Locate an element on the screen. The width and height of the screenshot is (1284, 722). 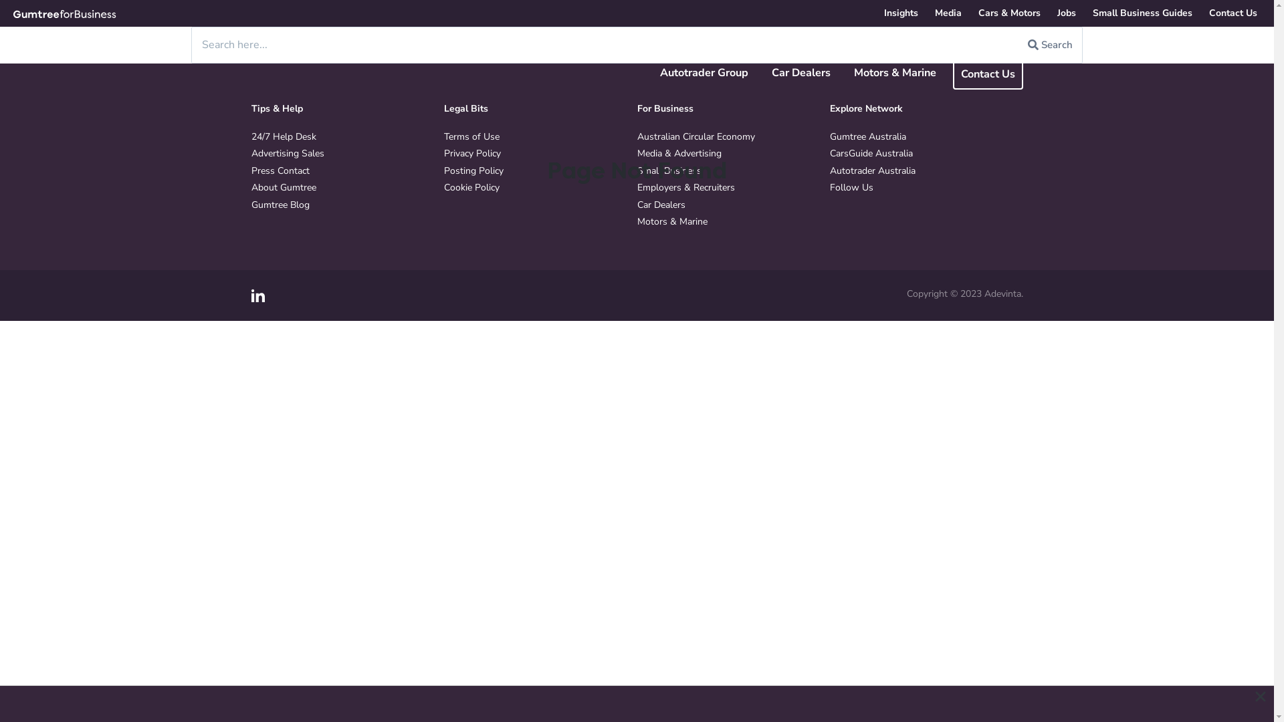
'Motors & Marine' is located at coordinates (846, 73).